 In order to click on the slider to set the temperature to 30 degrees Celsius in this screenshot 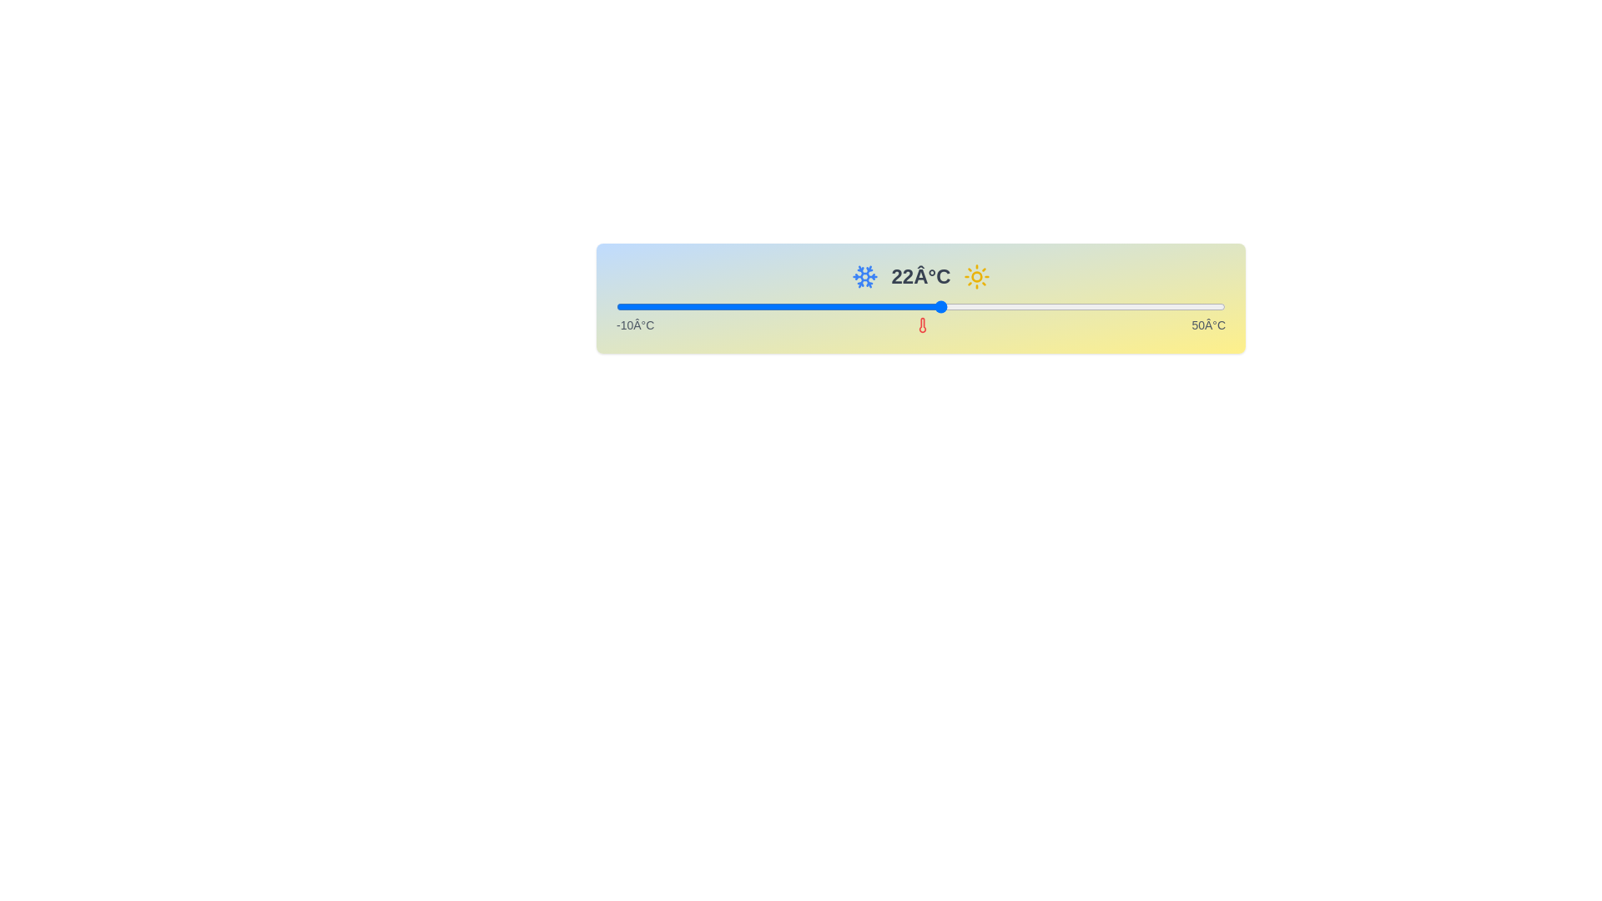, I will do `click(1021, 306)`.